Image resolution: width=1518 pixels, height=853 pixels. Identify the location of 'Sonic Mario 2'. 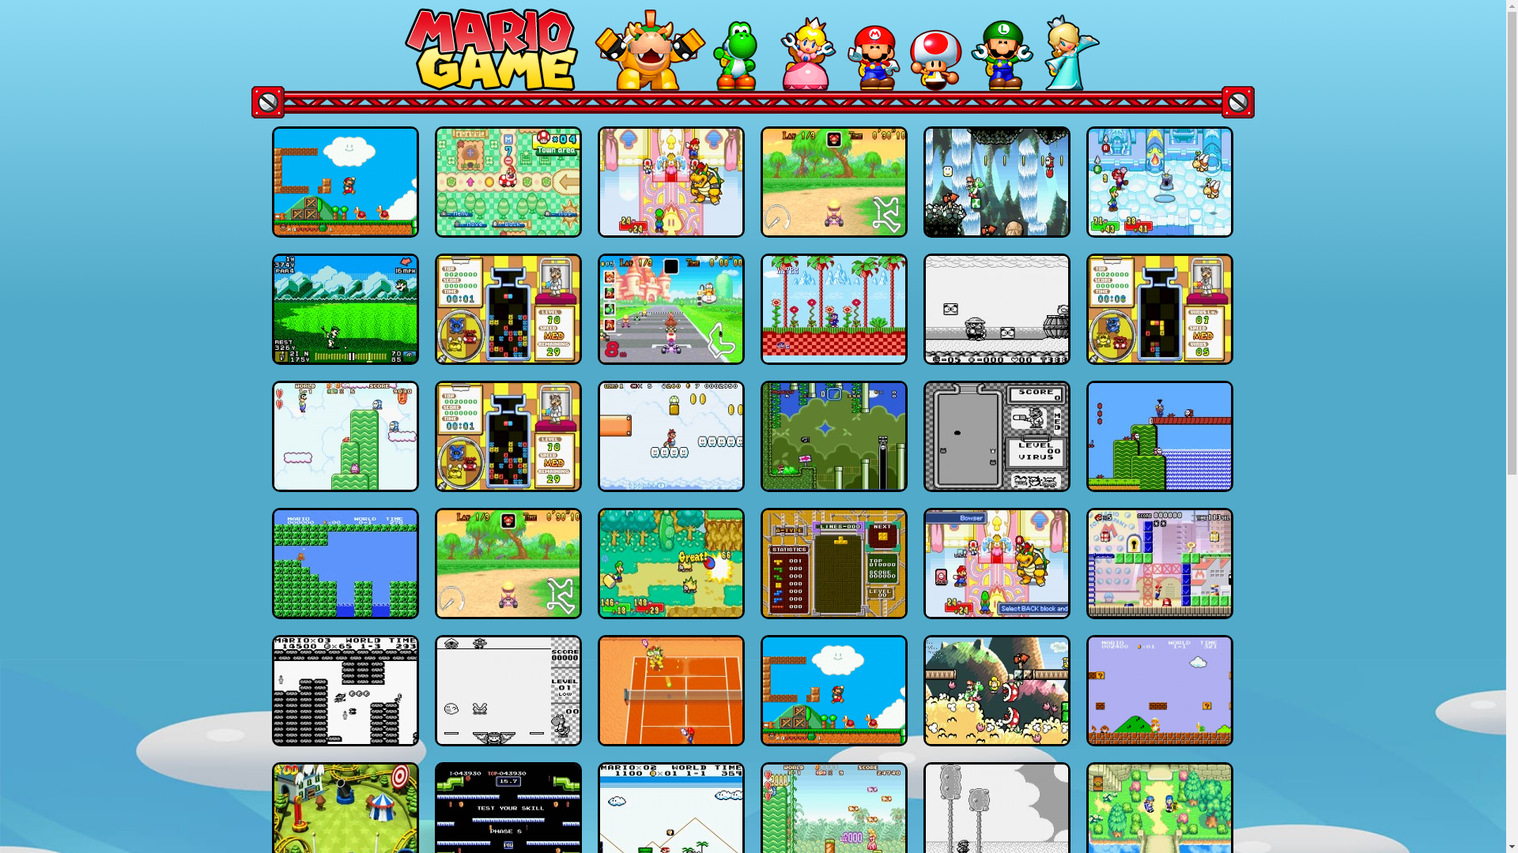
(833, 307).